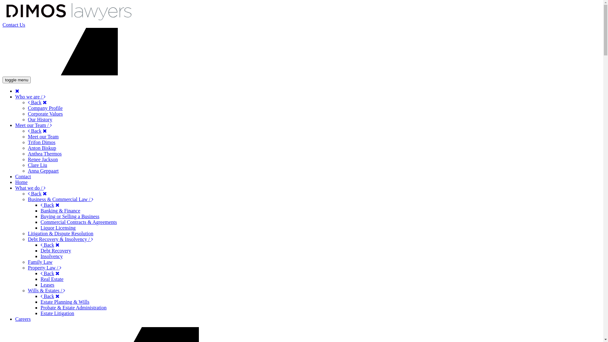 The image size is (608, 342). What do you see at coordinates (21, 182) in the screenshot?
I see `'Home'` at bounding box center [21, 182].